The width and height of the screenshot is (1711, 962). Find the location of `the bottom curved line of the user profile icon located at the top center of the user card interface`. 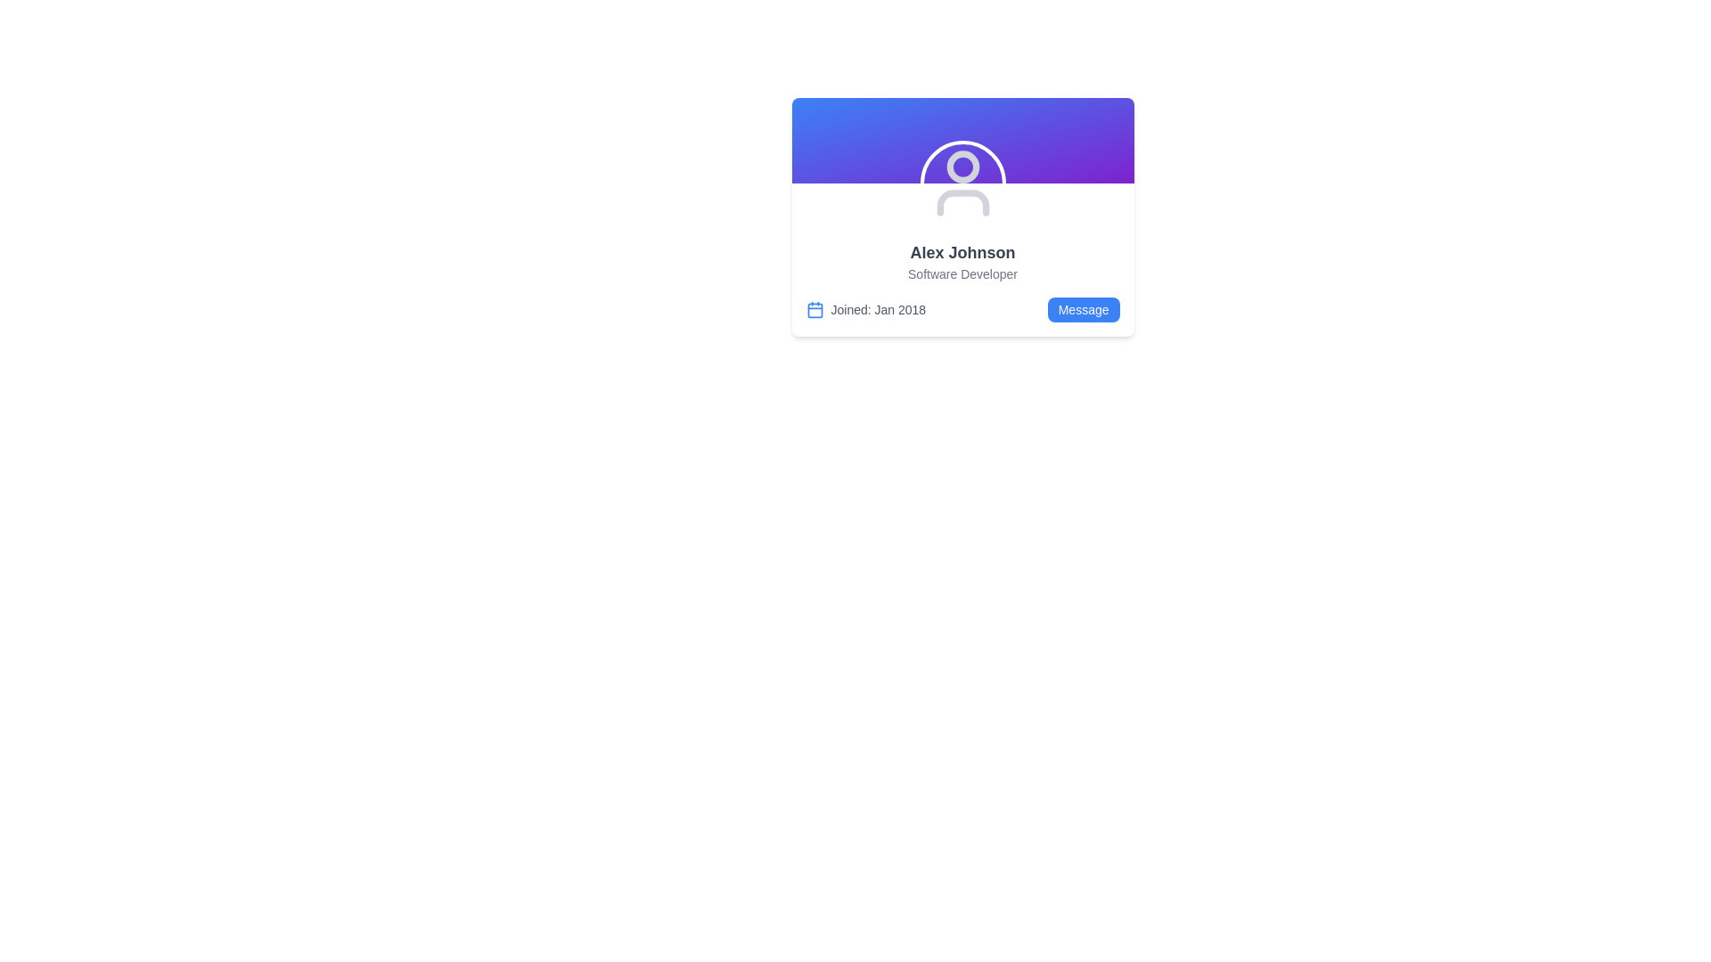

the bottom curved line of the user profile icon located at the top center of the user card interface is located at coordinates (962, 201).